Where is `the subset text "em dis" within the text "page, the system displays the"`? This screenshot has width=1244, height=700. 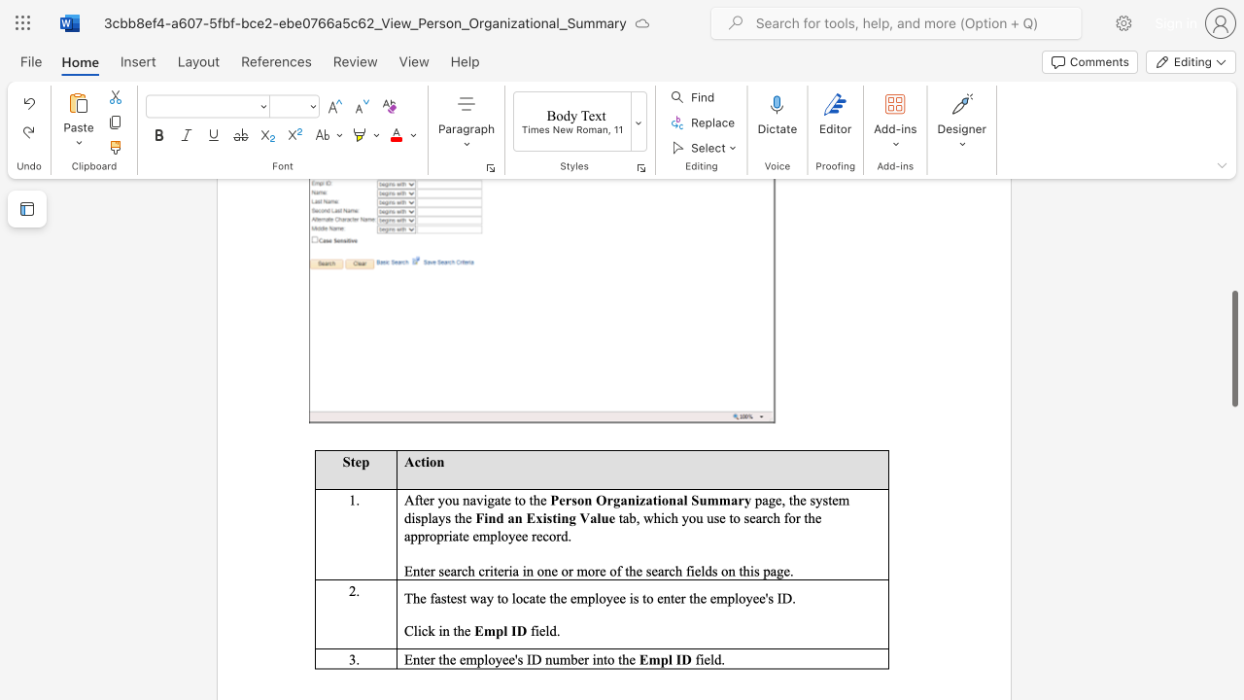
the subset text "em dis" within the text "page, the system displays the" is located at coordinates (832, 499).